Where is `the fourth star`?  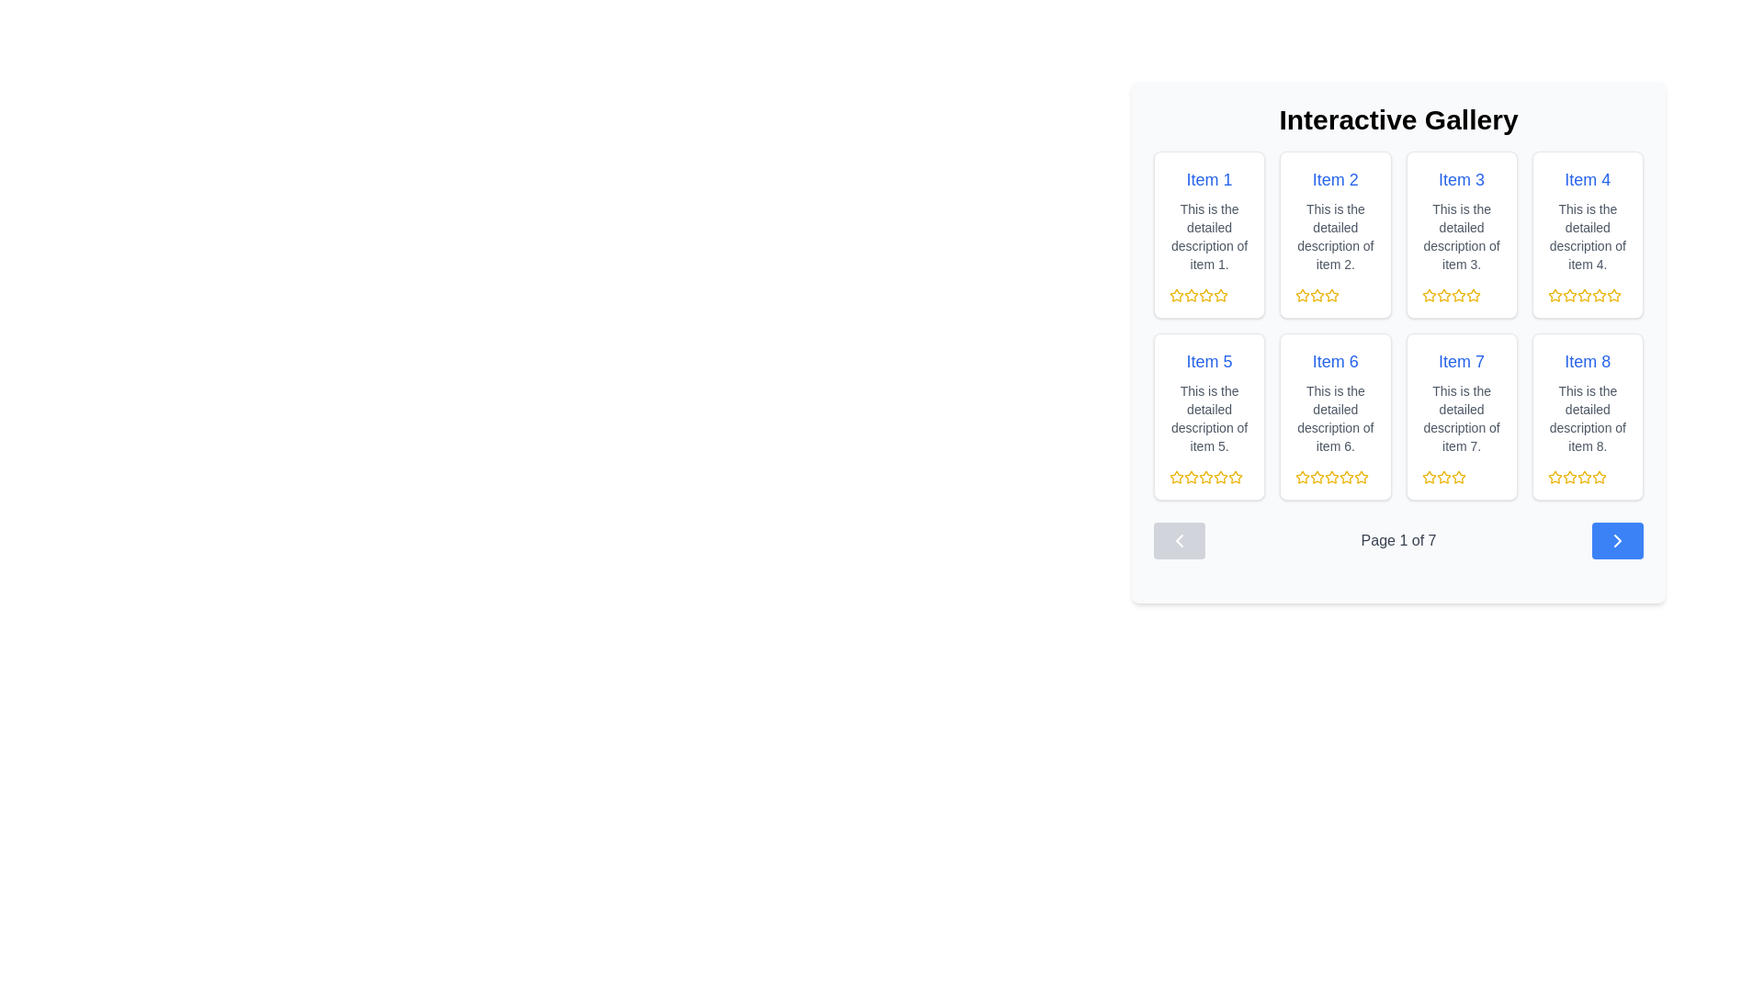
the fourth star is located at coordinates (1598, 476).